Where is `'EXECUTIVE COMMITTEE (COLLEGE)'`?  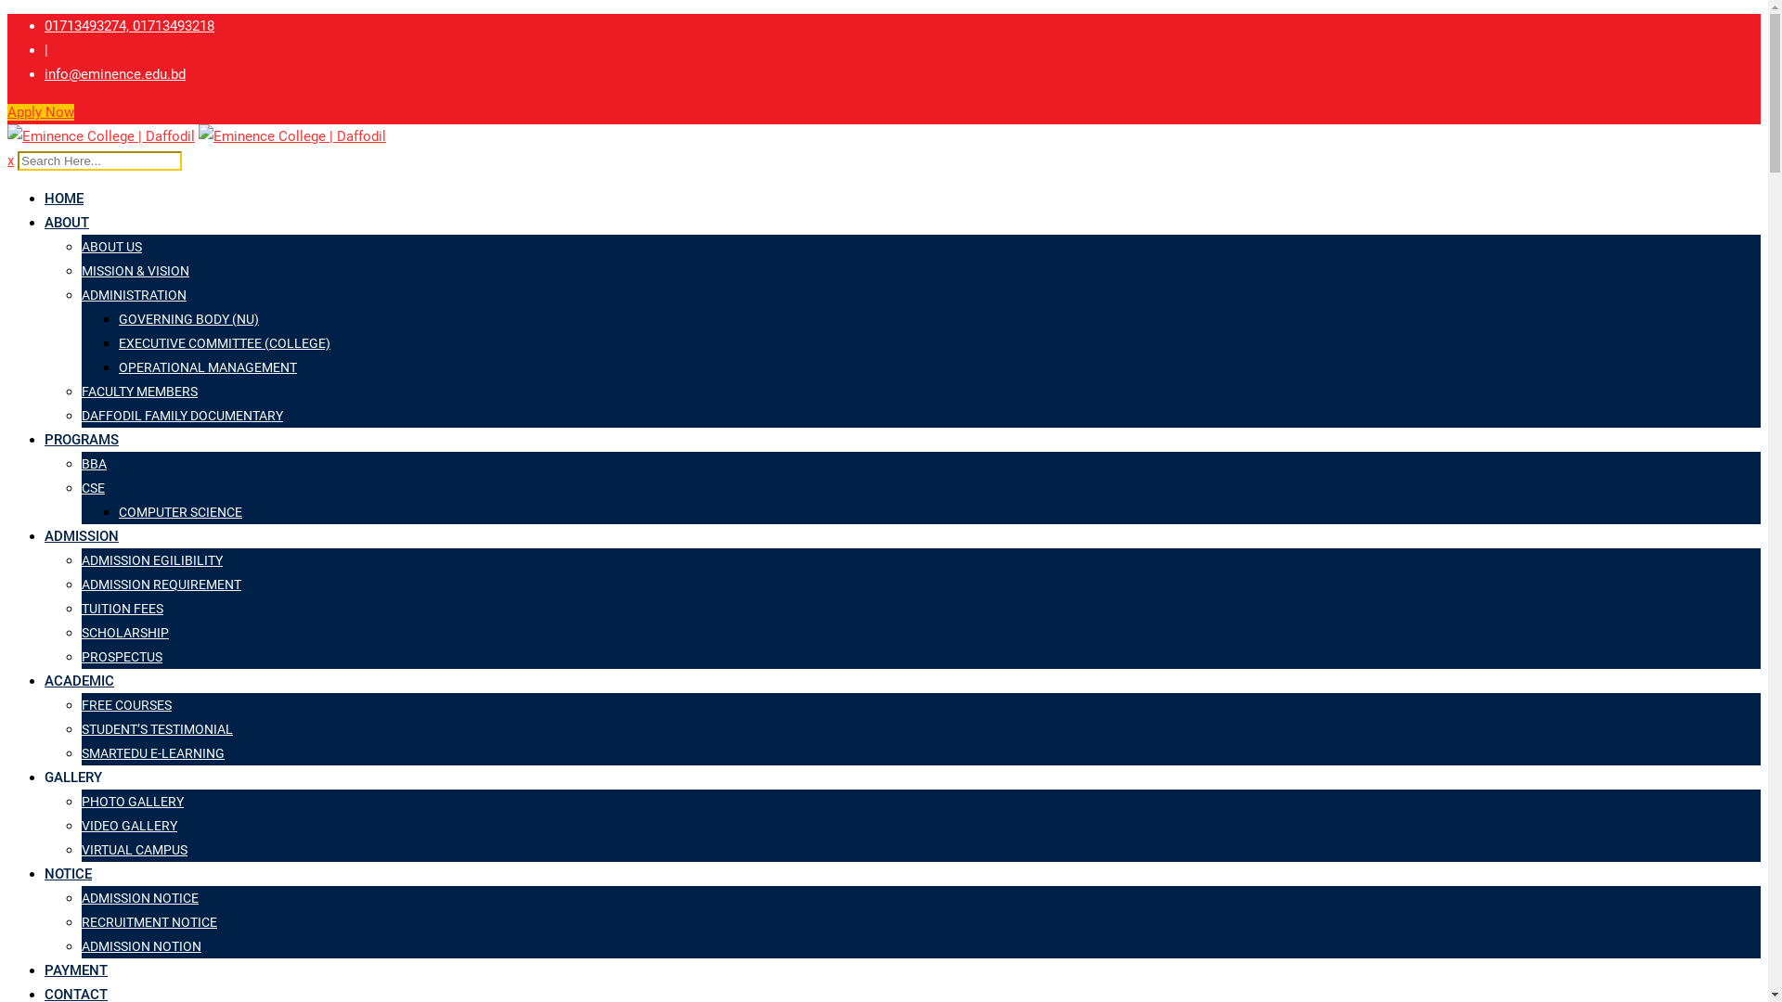
'EXECUTIVE COMMITTEE (COLLEGE)' is located at coordinates (223, 343).